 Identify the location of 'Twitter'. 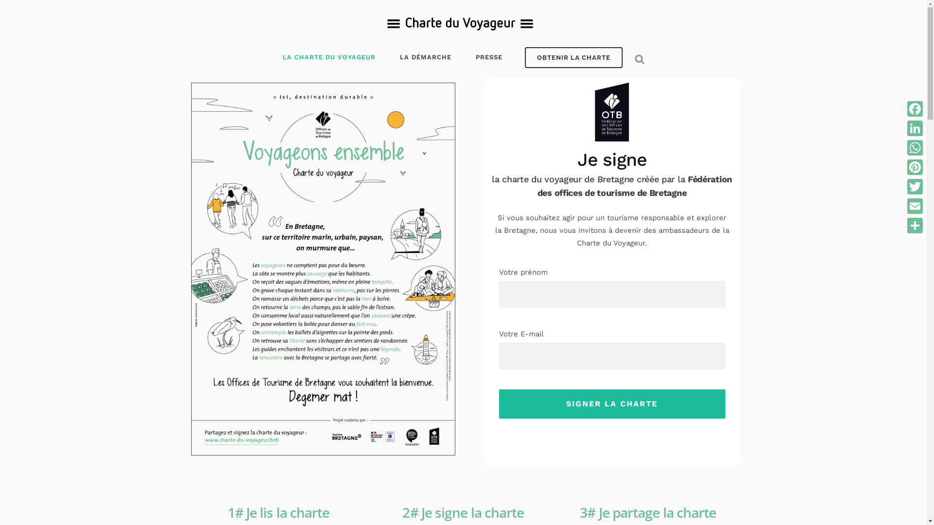
(915, 187).